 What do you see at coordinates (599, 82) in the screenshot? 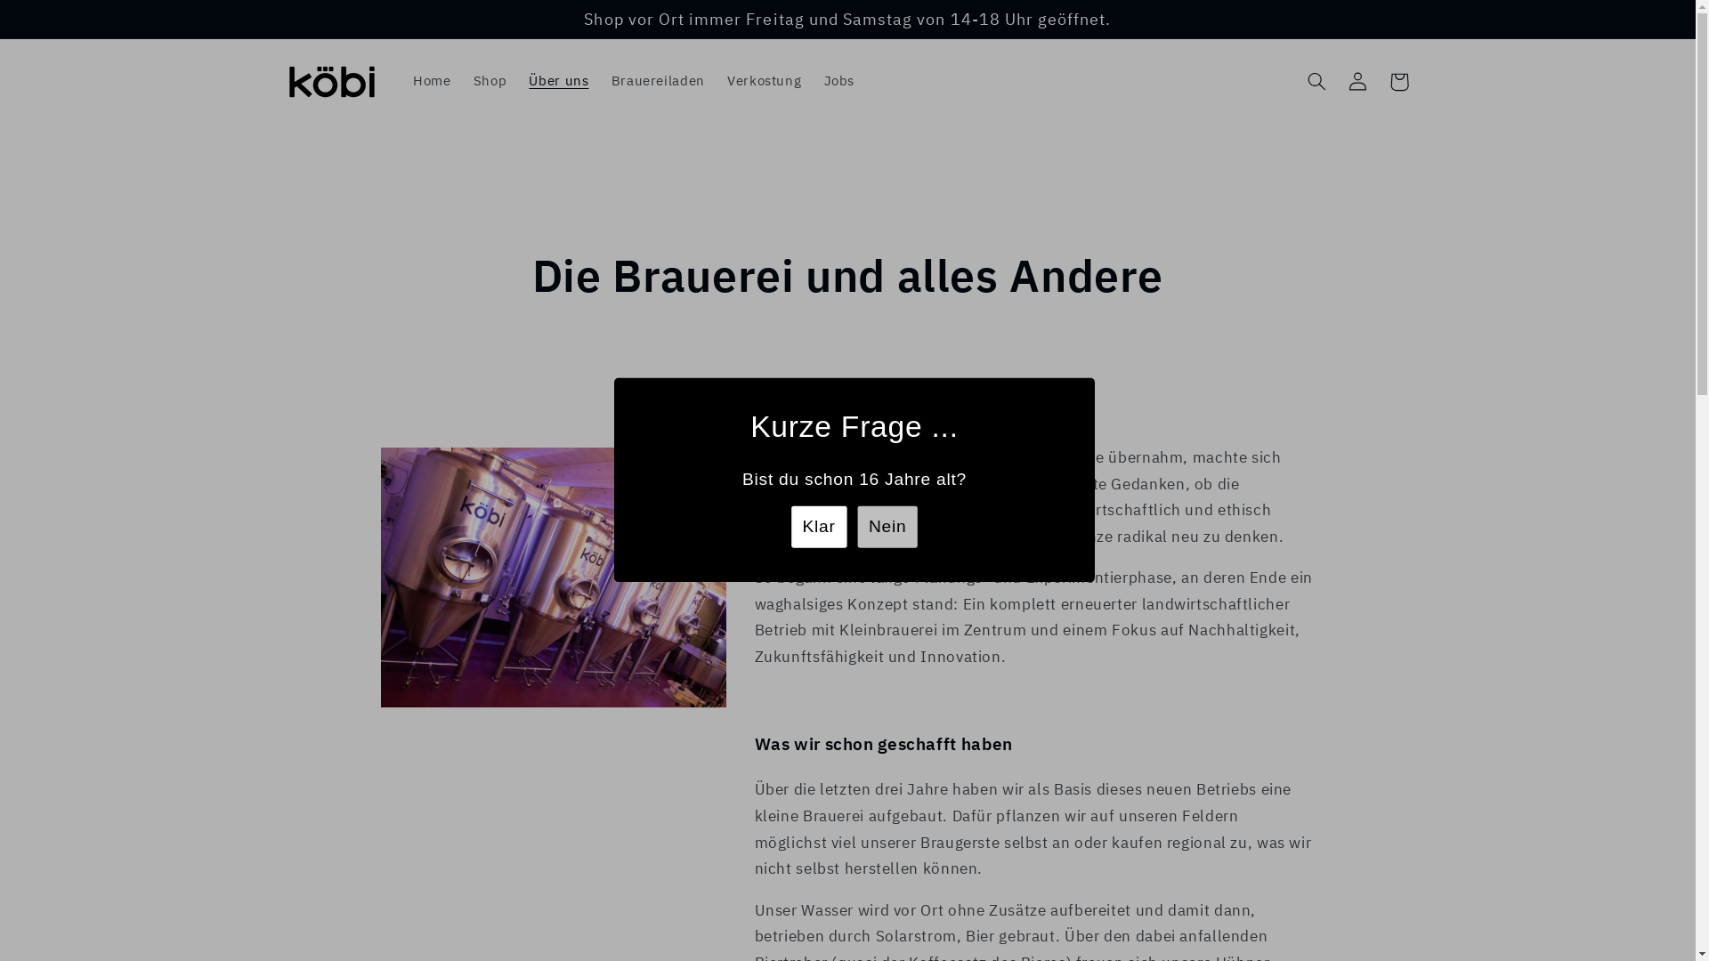
I see `'Brauereiladen'` at bounding box center [599, 82].